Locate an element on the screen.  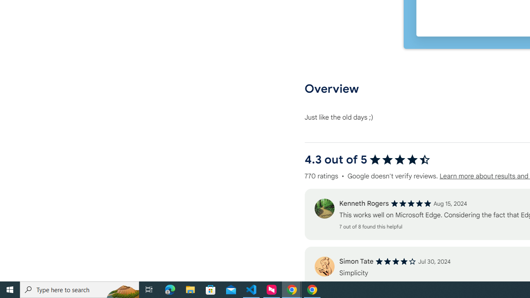
'4 out of 5 stars' is located at coordinates (395, 262).